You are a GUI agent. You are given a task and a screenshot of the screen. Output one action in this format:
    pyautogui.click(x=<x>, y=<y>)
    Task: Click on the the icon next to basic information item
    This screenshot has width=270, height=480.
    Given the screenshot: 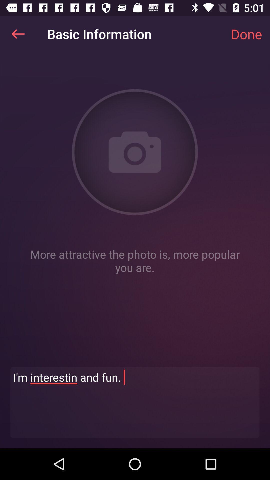 What is the action you would take?
    pyautogui.click(x=18, y=34)
    